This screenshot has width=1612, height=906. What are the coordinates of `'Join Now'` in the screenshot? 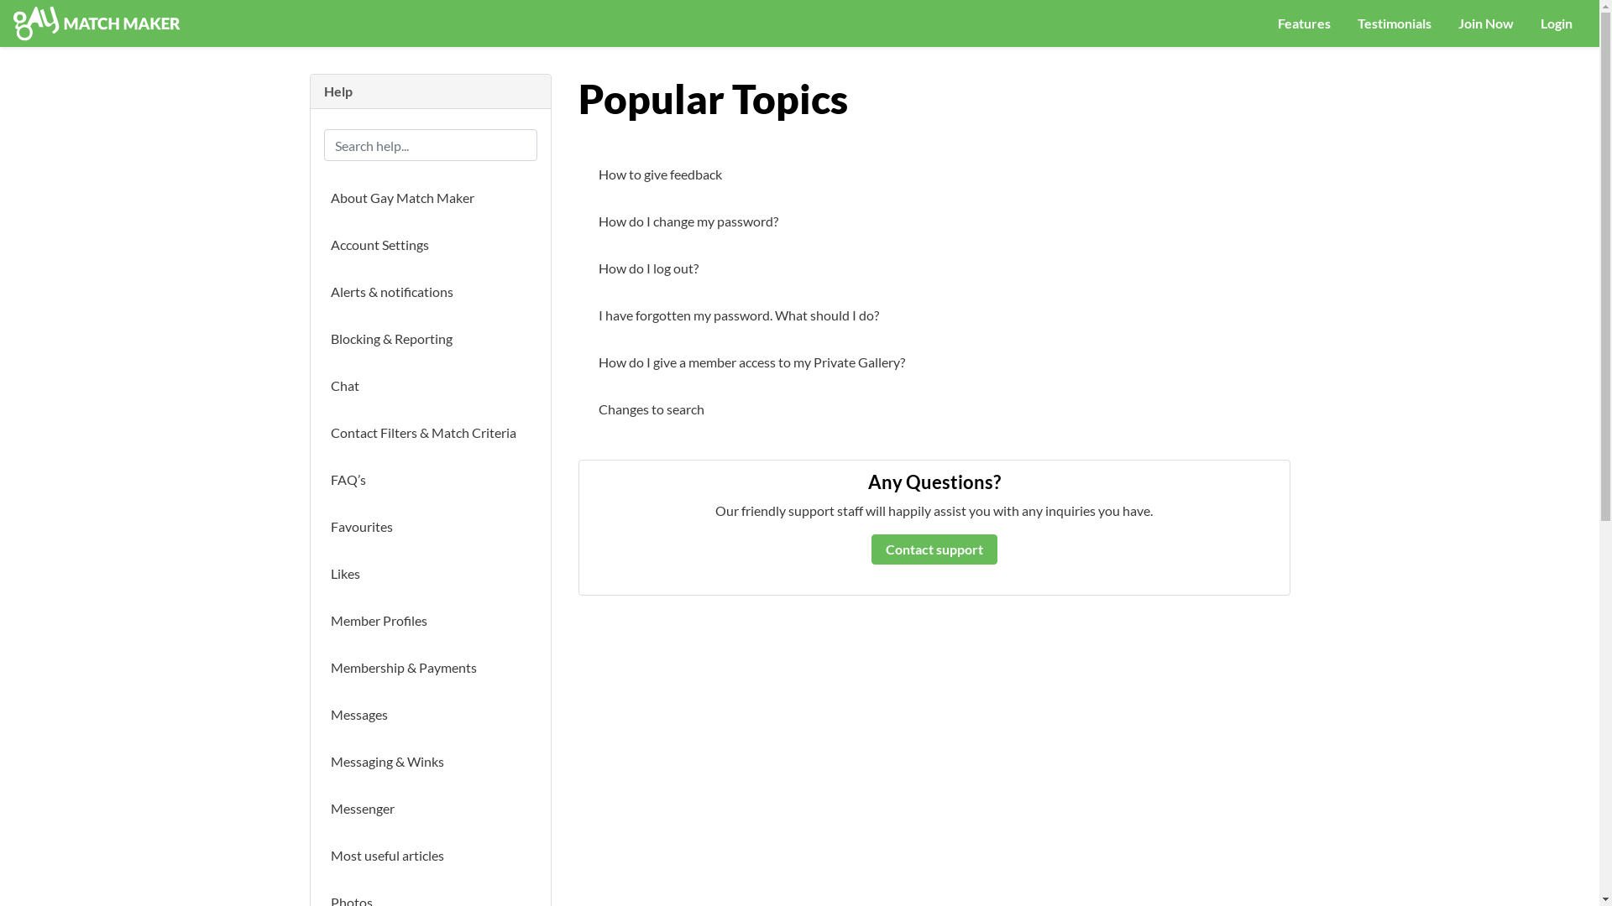 It's located at (1486, 23).